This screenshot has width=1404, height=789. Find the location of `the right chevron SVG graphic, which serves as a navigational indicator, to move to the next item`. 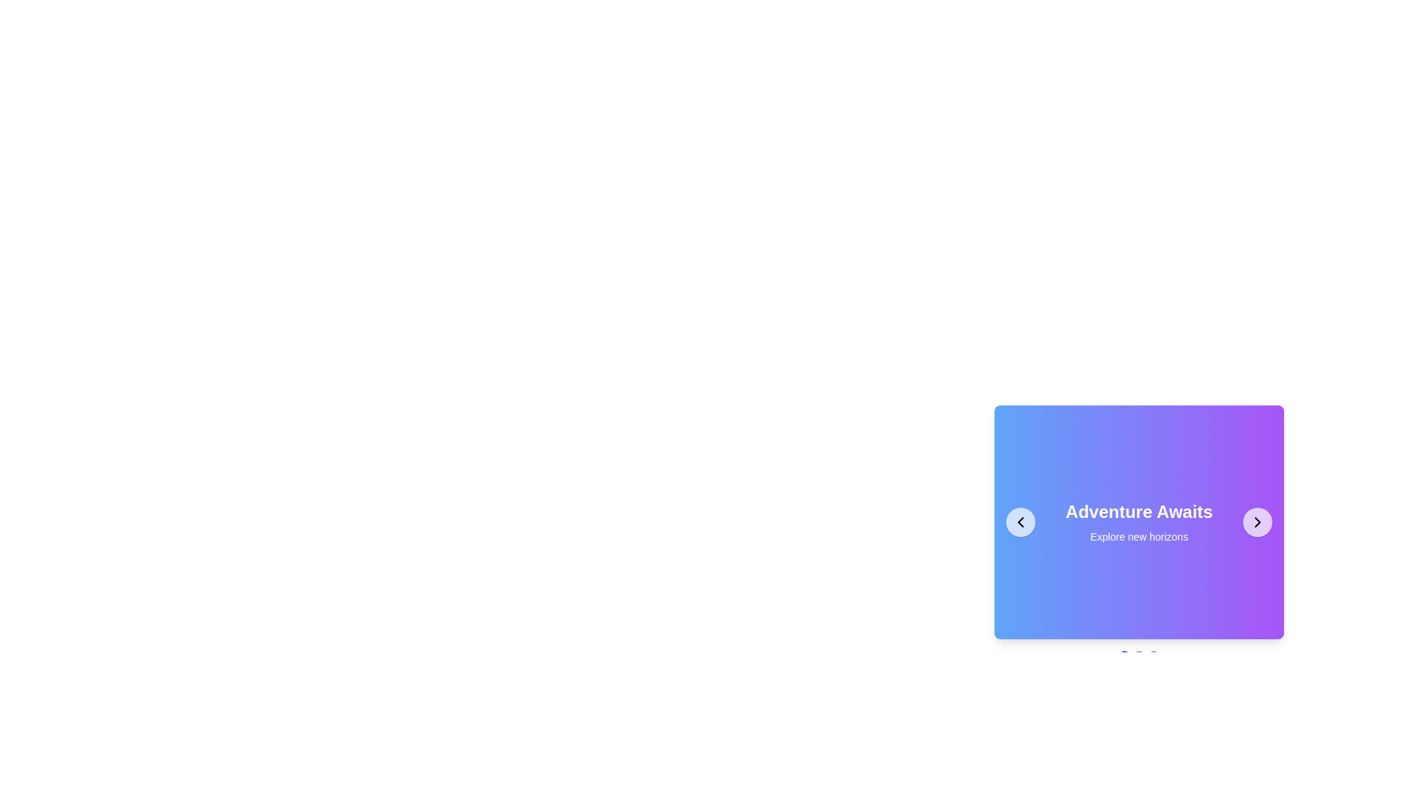

the right chevron SVG graphic, which serves as a navigational indicator, to move to the next item is located at coordinates (1256, 521).